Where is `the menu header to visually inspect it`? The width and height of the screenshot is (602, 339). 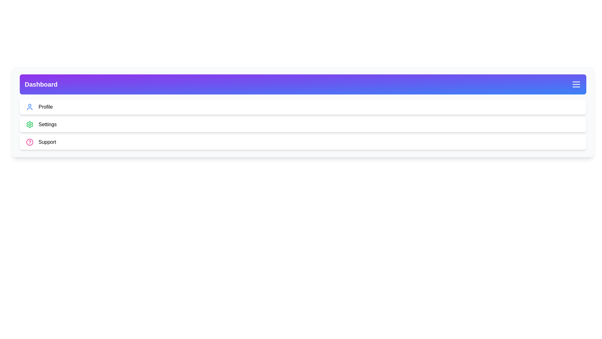
the menu header to visually inspect it is located at coordinates (303, 84).